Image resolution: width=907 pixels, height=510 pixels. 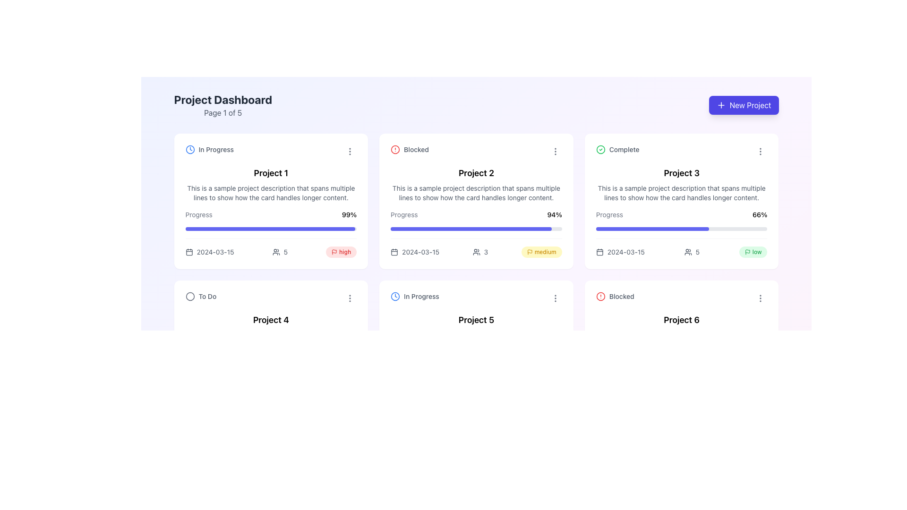 I want to click on the associated icon of the Status indicator labeled 'Blocked' located at the top of the 'Project 2' card, so click(x=476, y=151).